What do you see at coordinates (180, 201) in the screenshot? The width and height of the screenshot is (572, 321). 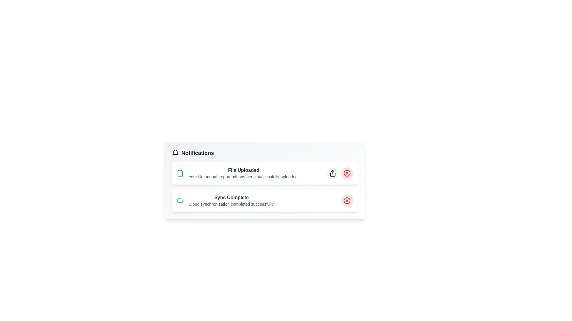 I see `the cloud icon in the 'Sync Complete' notification under the 'Notifications' section` at bounding box center [180, 201].